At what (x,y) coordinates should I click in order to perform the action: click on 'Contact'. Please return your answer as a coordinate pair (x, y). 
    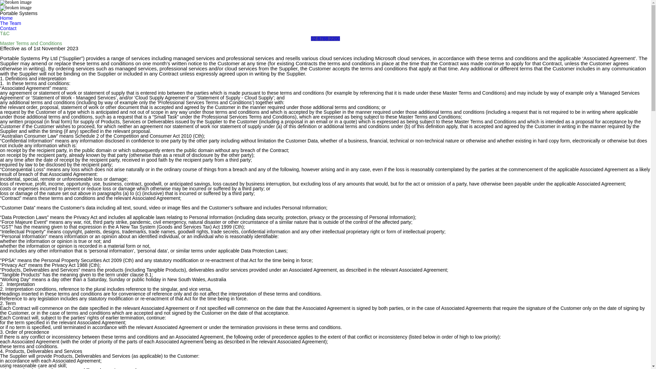
    Looking at the image, I should click on (8, 28).